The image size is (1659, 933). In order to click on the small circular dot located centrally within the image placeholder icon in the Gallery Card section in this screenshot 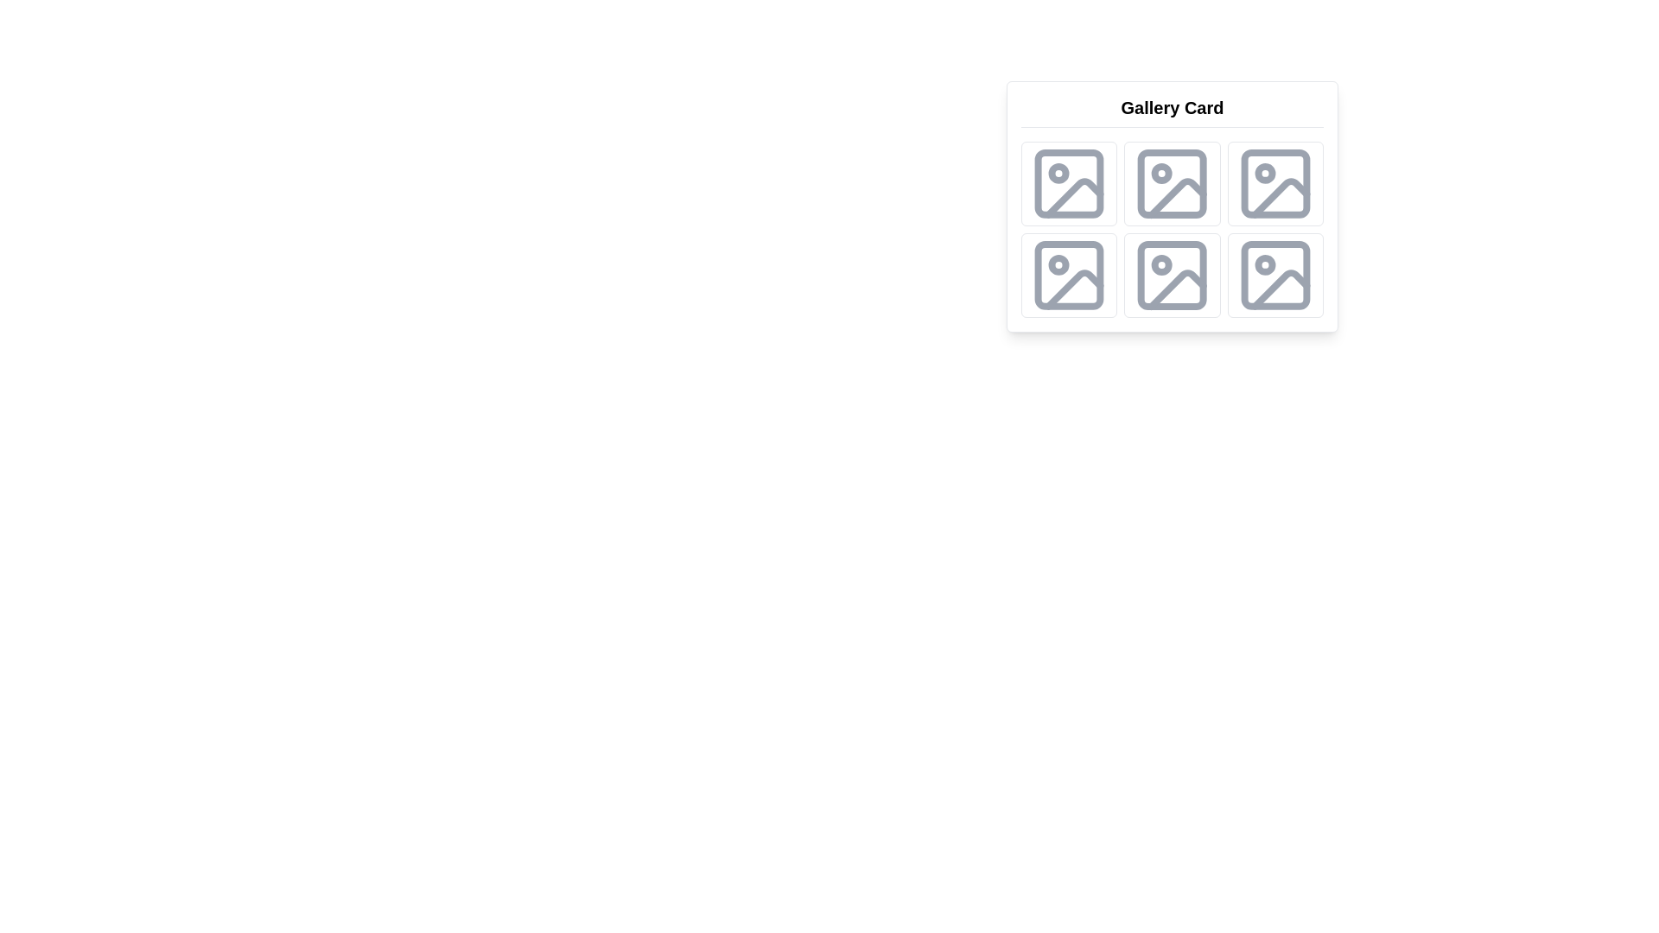, I will do `click(1161, 265)`.